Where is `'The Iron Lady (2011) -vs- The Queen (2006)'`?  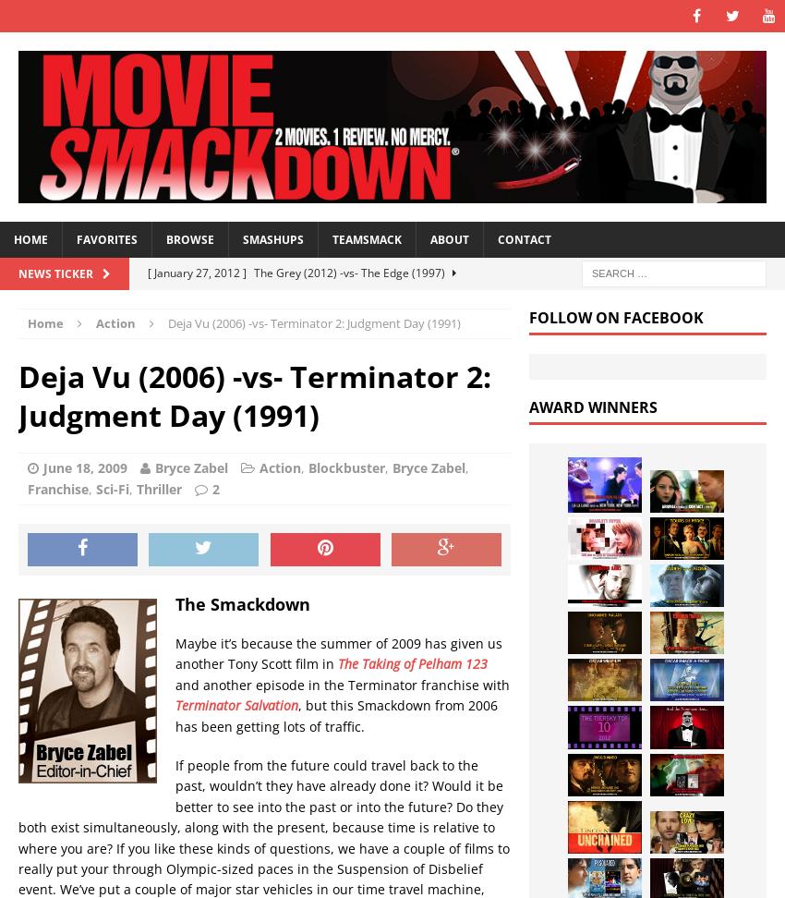
'The Iron Lady (2011) -vs- The Queen (2006)' is located at coordinates (380, 367).